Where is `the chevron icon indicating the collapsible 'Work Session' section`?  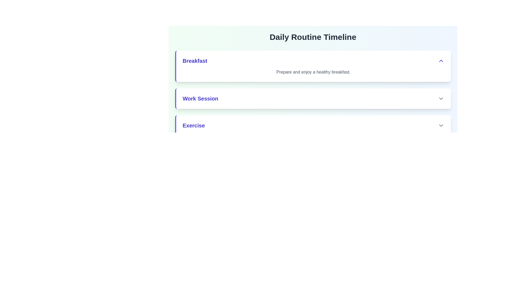
the chevron icon indicating the collapsible 'Work Session' section is located at coordinates (441, 99).